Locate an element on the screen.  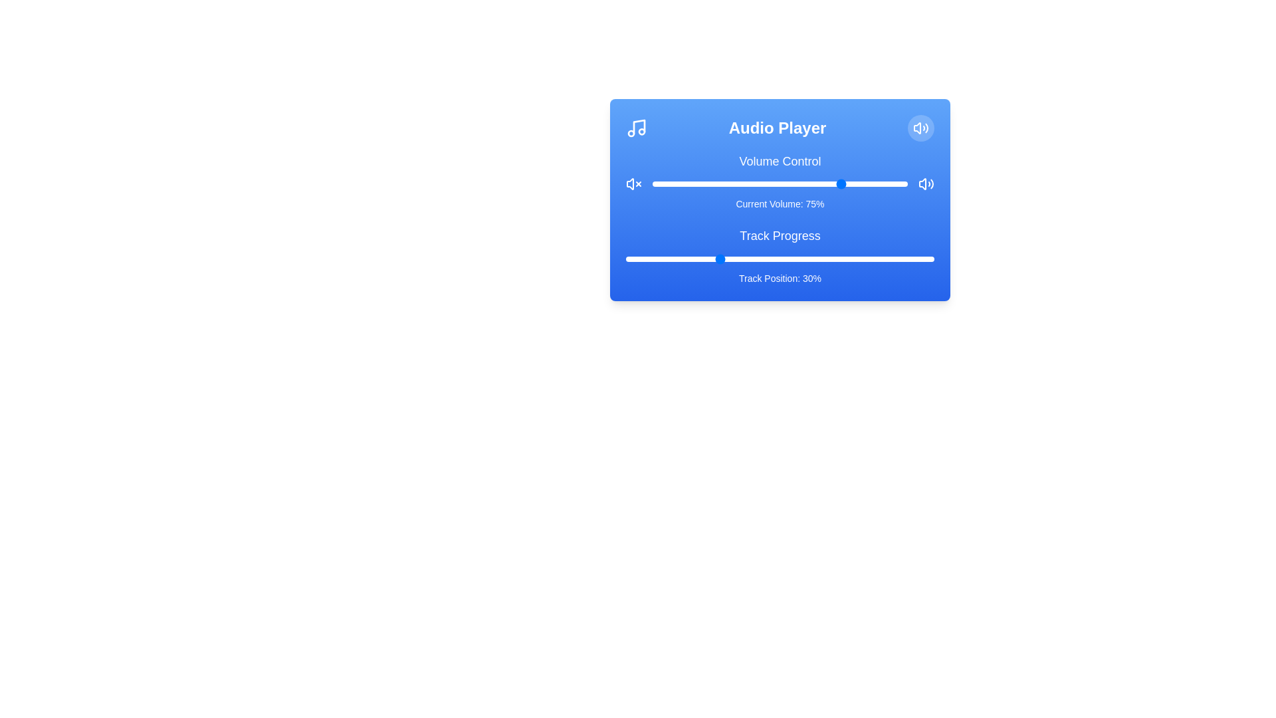
the track position is located at coordinates (807, 259).